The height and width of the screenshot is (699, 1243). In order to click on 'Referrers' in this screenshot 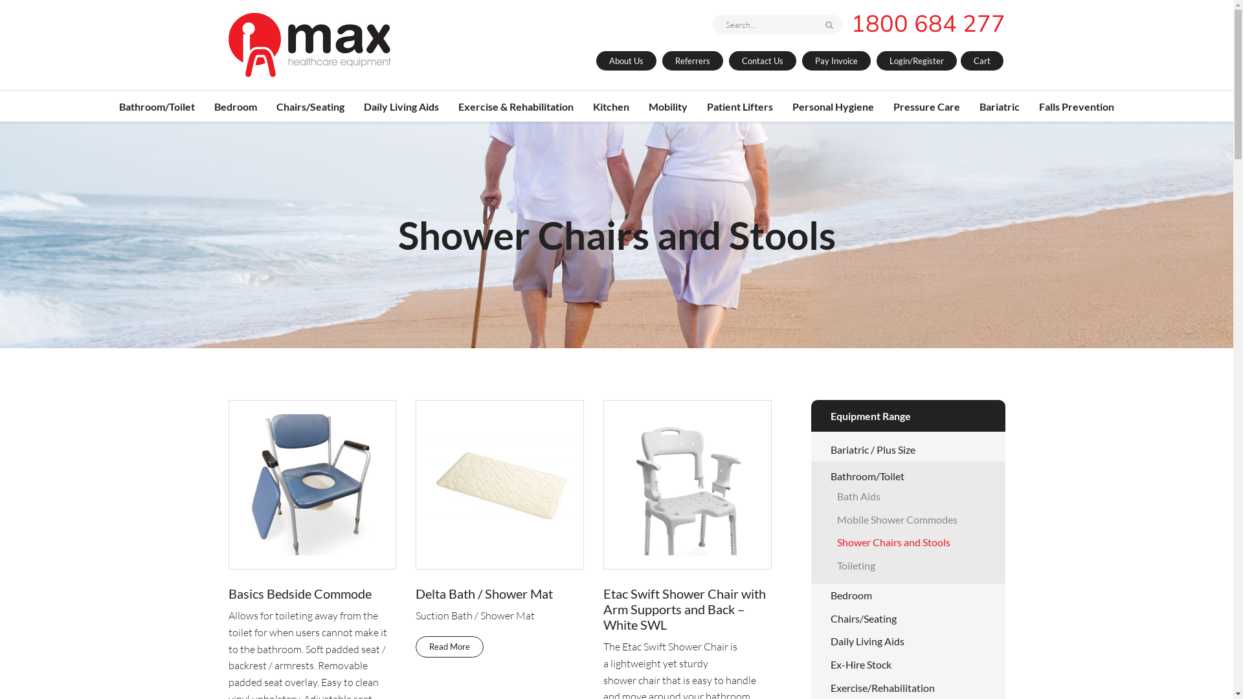, I will do `click(691, 60)`.